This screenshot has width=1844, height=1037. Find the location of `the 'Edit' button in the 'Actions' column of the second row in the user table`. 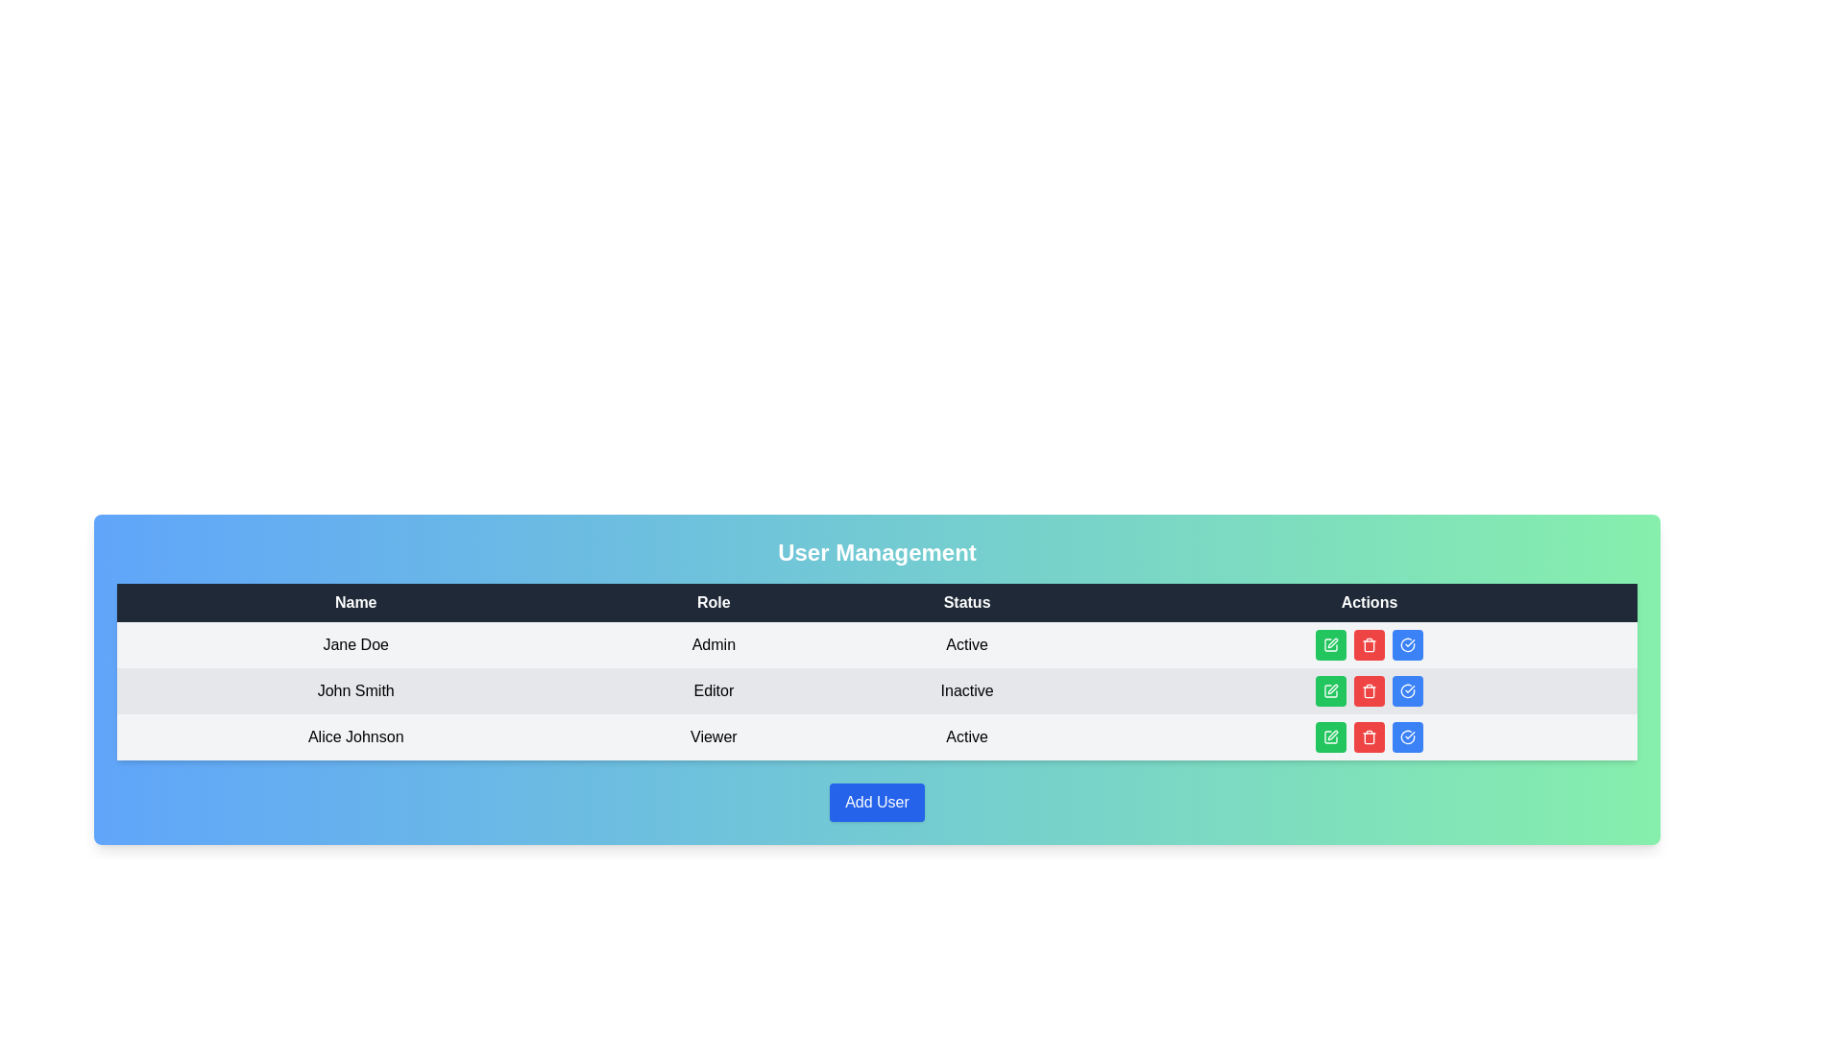

the 'Edit' button in the 'Actions' column of the second row in the user table is located at coordinates (1330, 691).